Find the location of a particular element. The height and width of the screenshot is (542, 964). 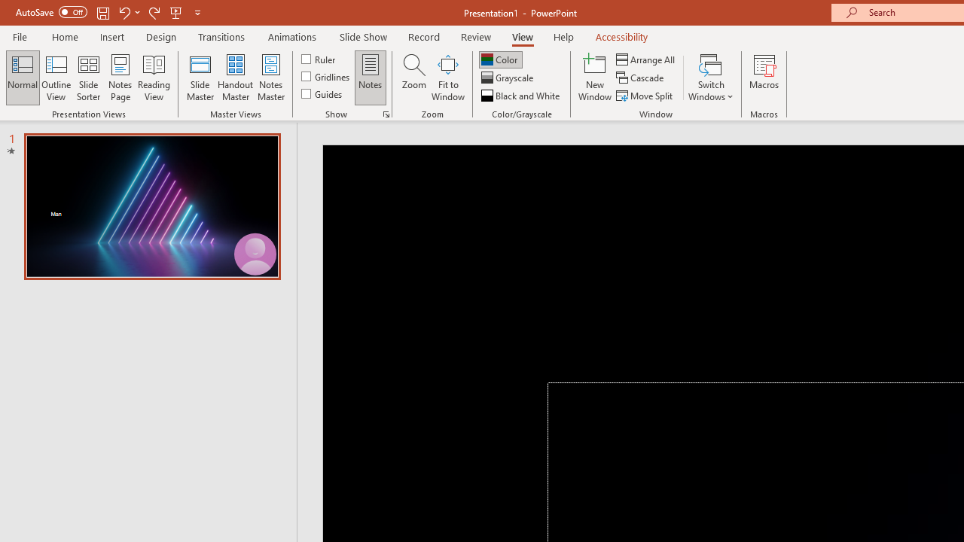

'Ruler' is located at coordinates (319, 58).